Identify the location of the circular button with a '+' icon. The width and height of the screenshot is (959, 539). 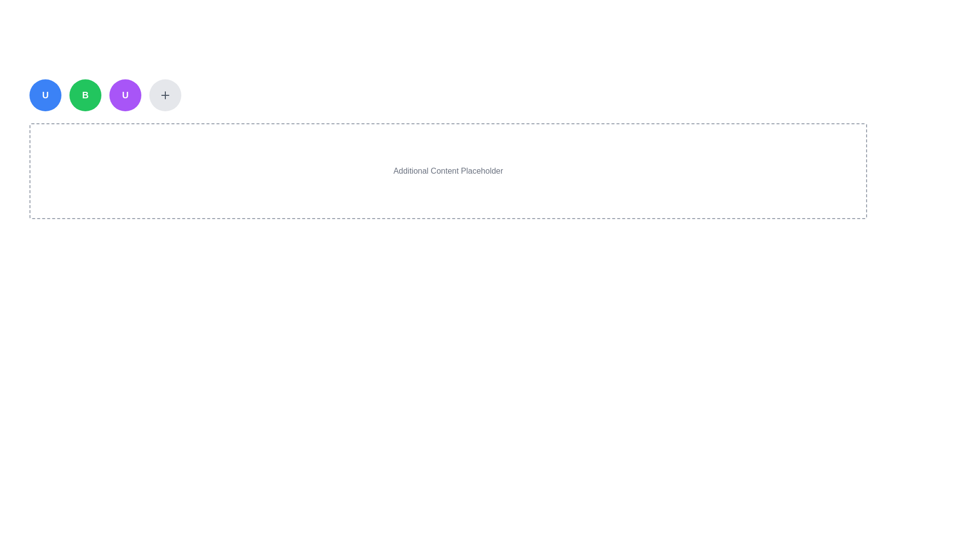
(165, 95).